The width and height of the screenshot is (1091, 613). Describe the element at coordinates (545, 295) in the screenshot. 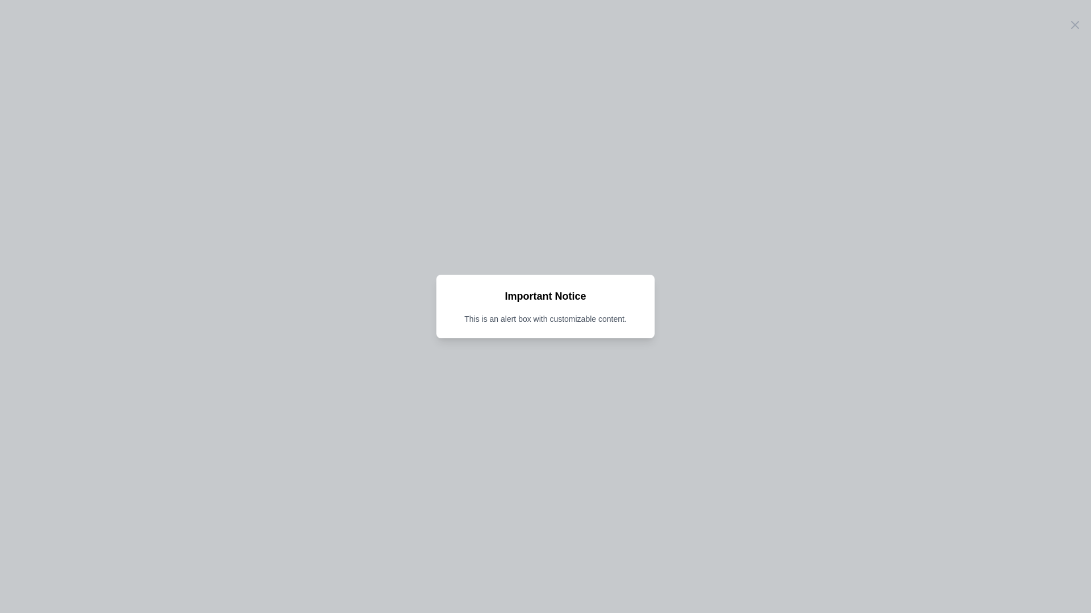

I see `the Heading or Label in the alert box, which is centrally located at the top section above the explanatory text` at that location.